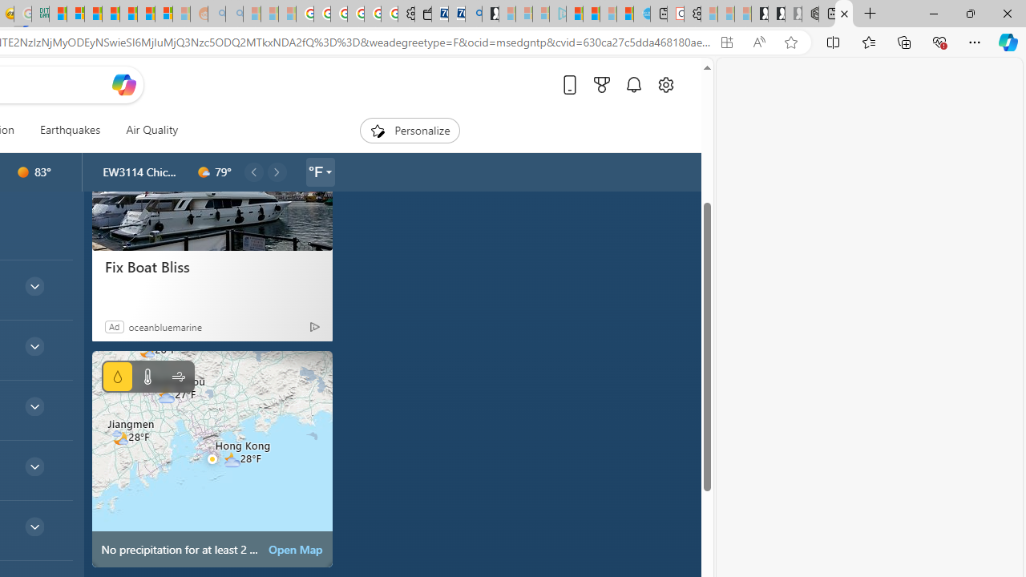 This screenshot has height=577, width=1026. I want to click on 'common/carouselChevron', so click(277, 171).